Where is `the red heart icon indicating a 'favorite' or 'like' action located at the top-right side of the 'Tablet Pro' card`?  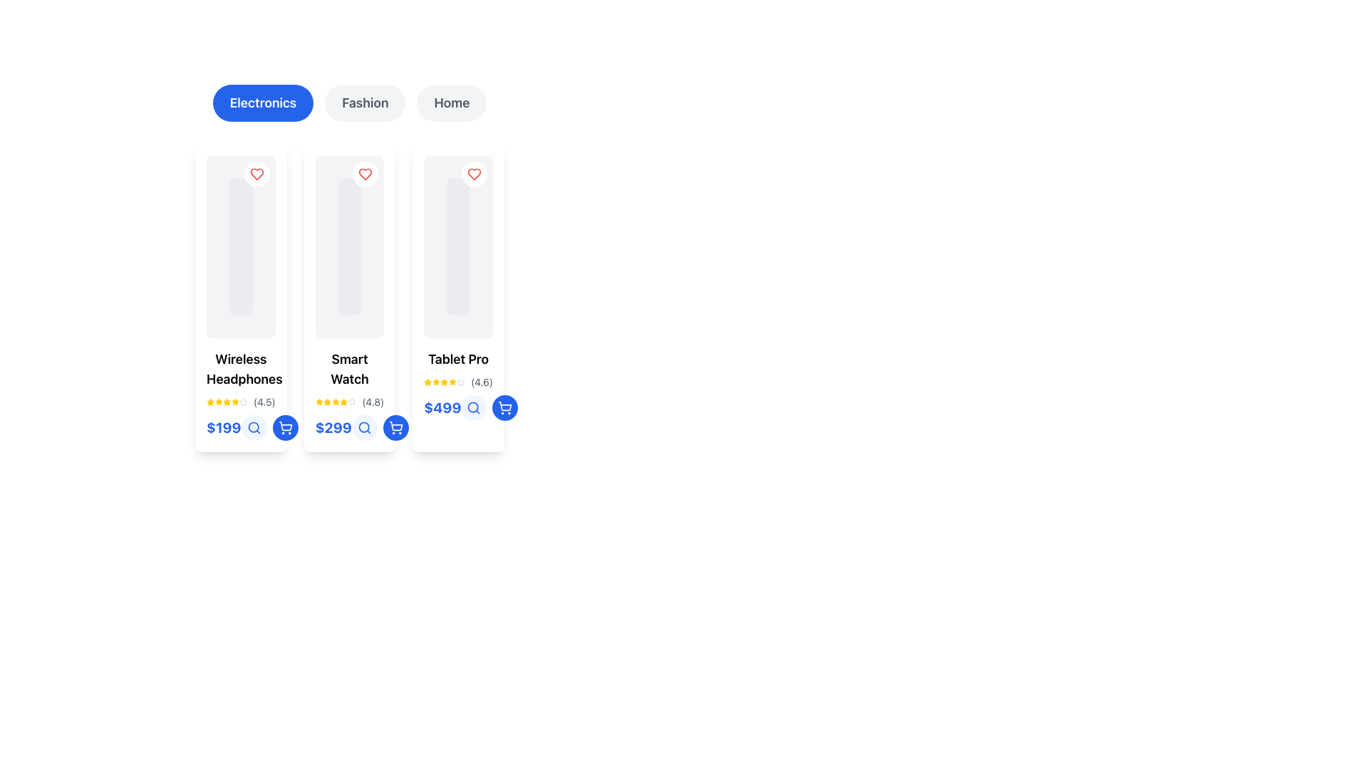 the red heart icon indicating a 'favorite' or 'like' action located at the top-right side of the 'Tablet Pro' card is located at coordinates (475, 174).